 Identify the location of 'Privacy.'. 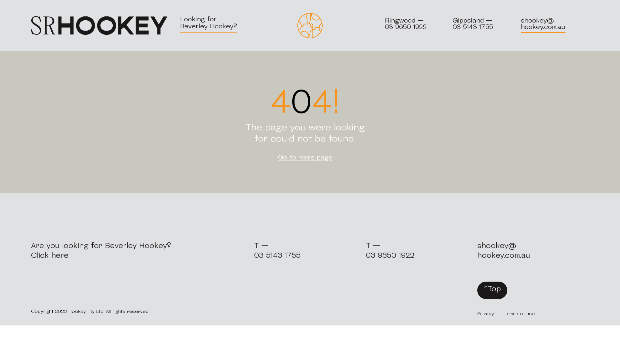
(486, 314).